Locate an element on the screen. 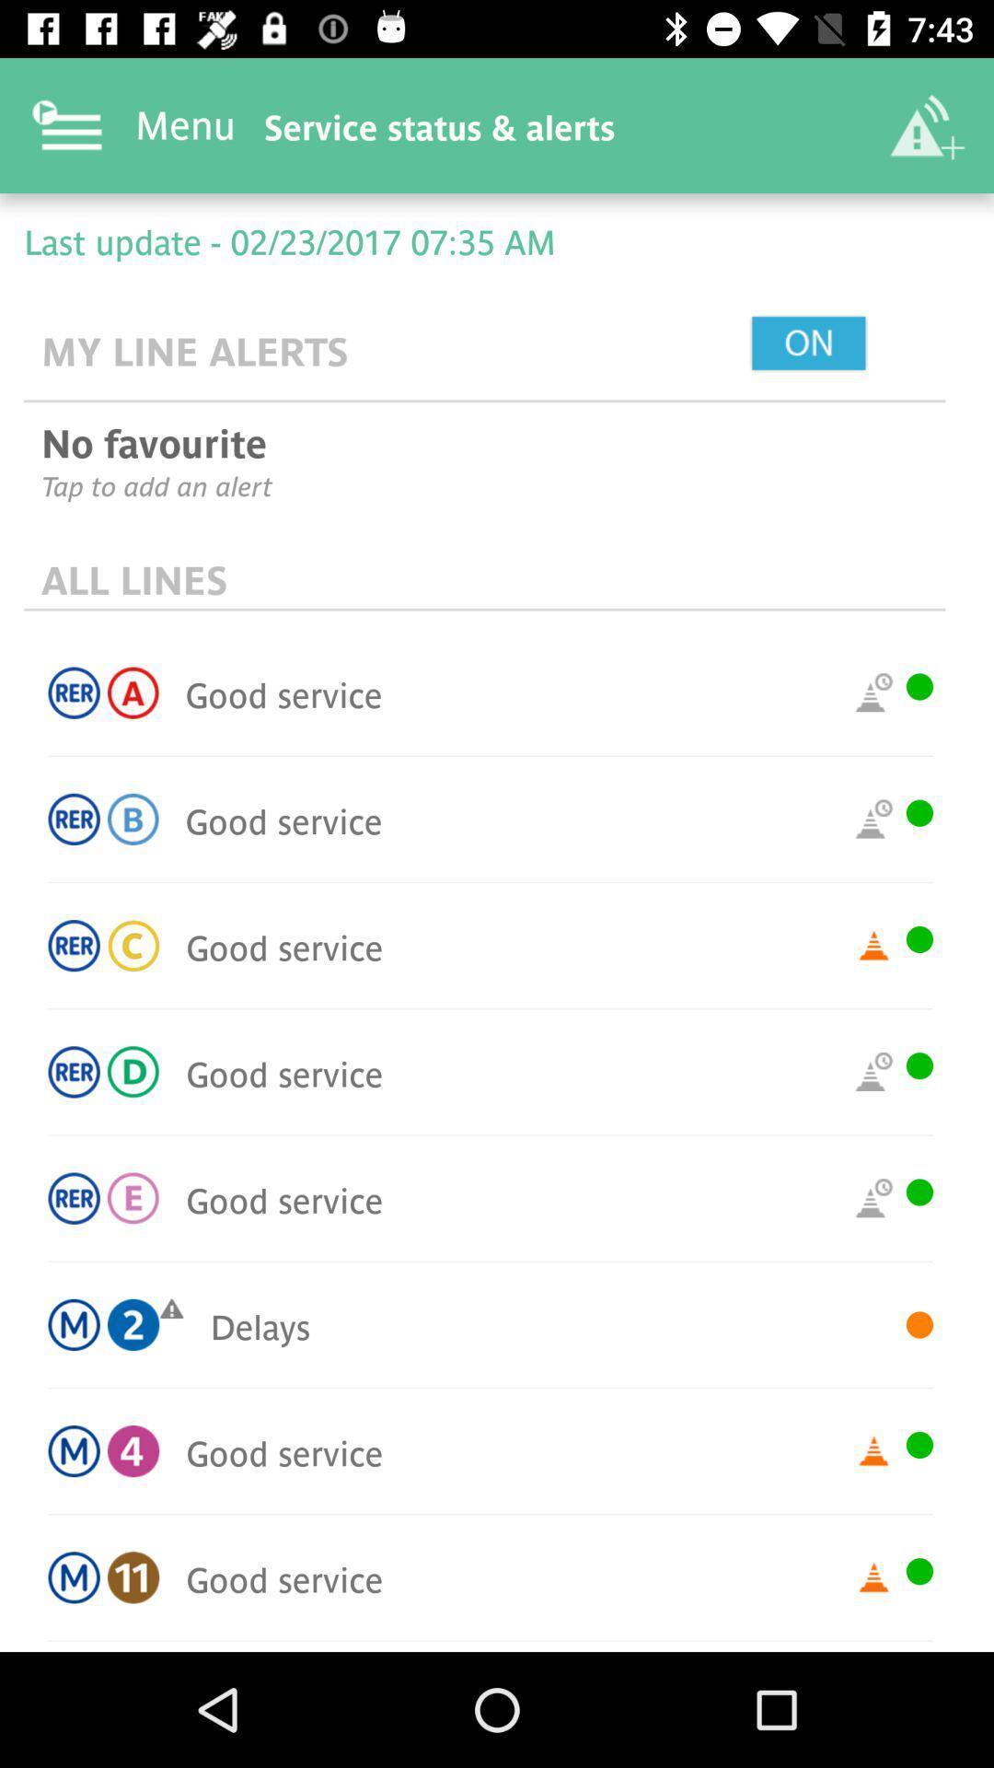 The height and width of the screenshot is (1768, 994). the item above the last update 02 item is located at coordinates (926, 124).